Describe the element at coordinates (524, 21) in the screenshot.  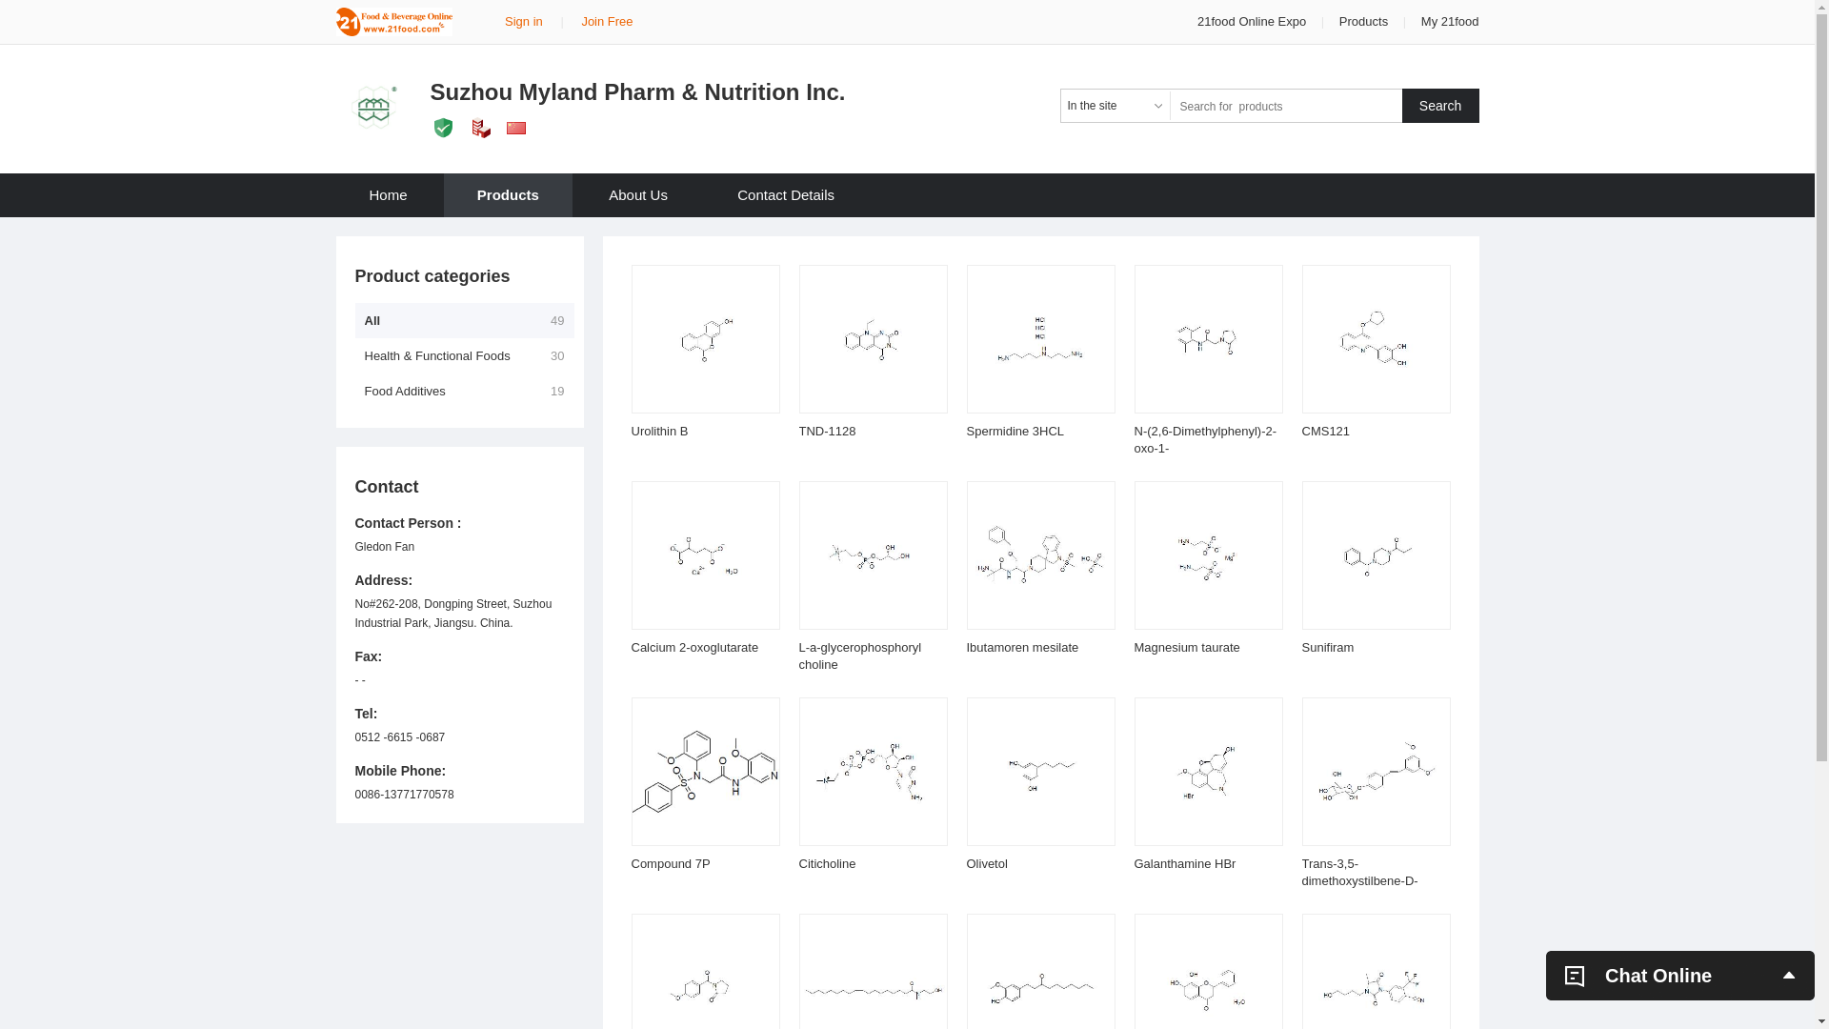
I see `'Sign in'` at that location.